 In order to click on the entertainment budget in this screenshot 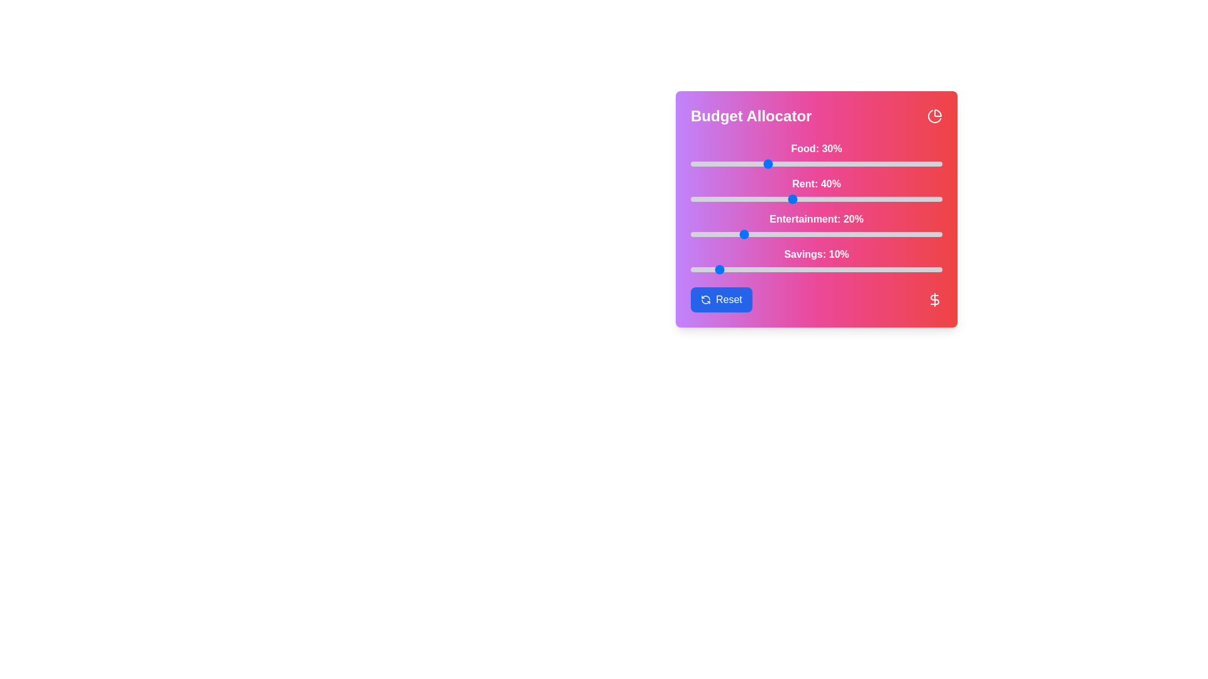, I will do `click(849, 235)`.